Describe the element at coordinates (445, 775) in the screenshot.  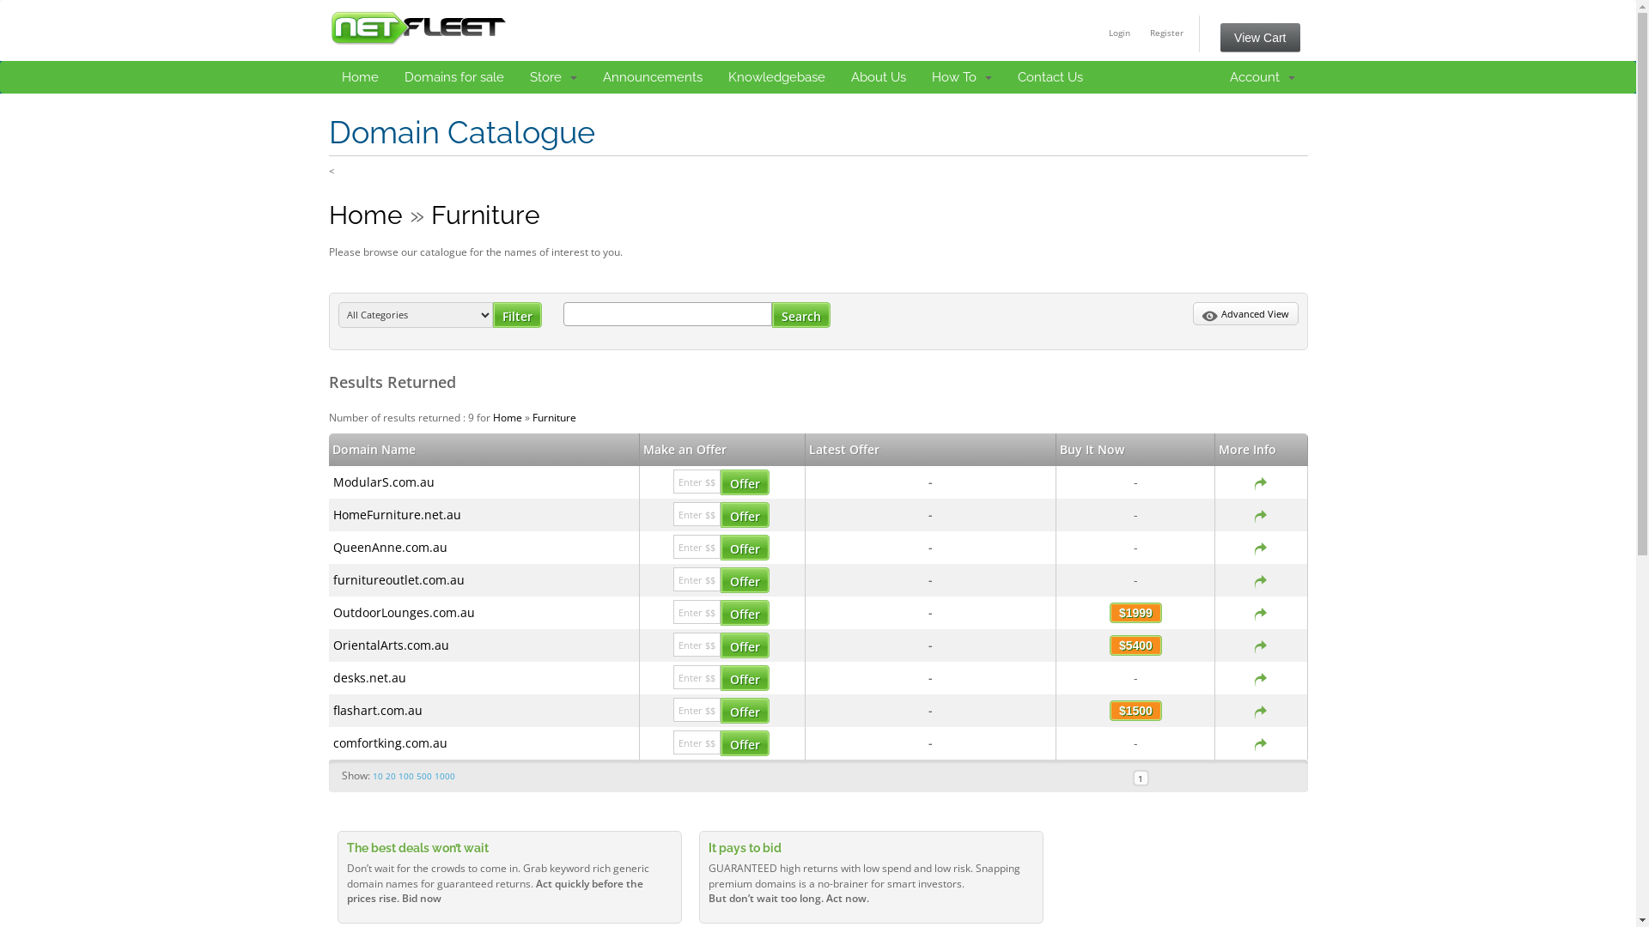
I see `'1000'` at that location.